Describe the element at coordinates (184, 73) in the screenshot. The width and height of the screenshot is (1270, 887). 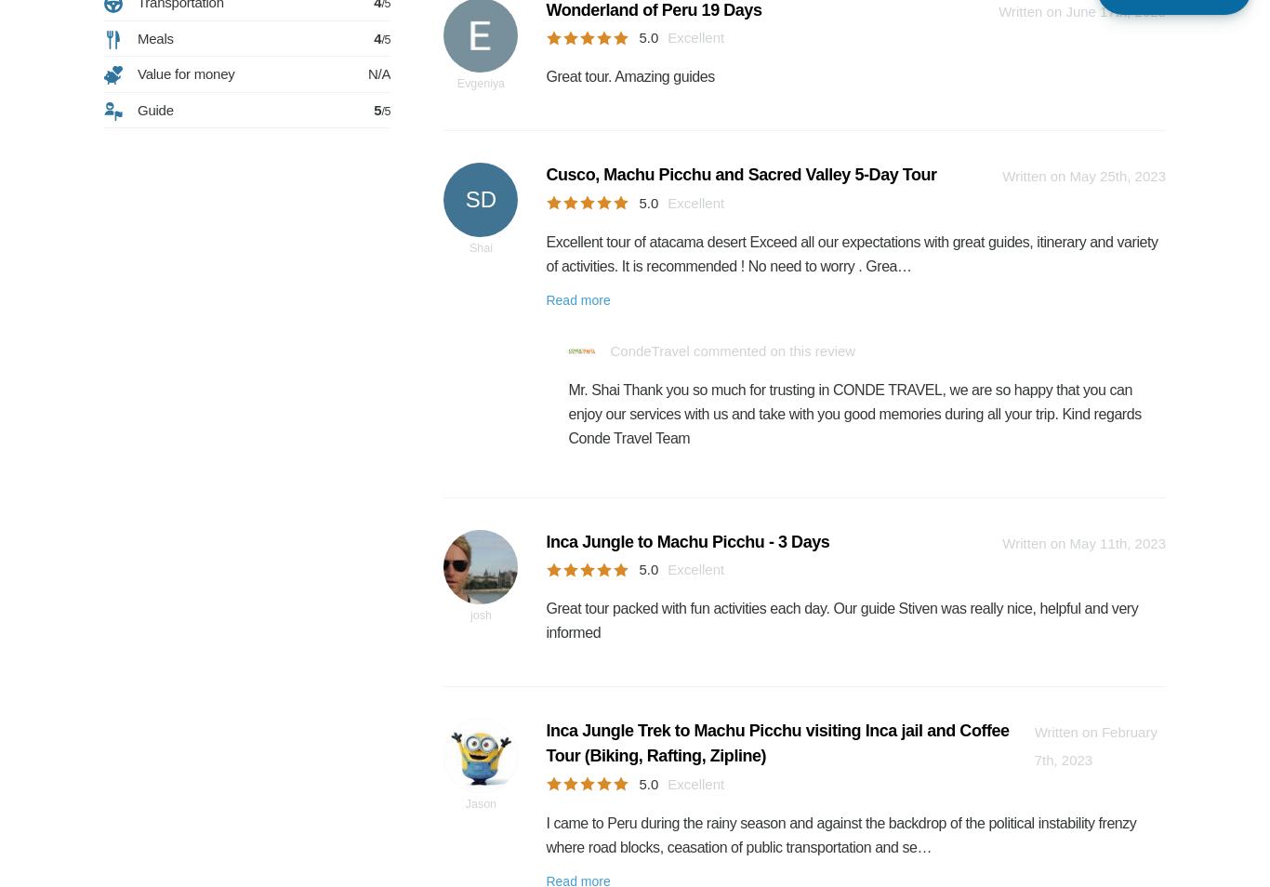
I see `'Value for money'` at that location.